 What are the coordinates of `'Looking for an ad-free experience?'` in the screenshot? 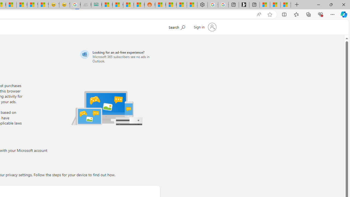 It's located at (119, 56).